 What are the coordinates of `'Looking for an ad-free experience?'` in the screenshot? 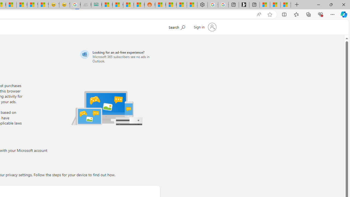 It's located at (119, 56).